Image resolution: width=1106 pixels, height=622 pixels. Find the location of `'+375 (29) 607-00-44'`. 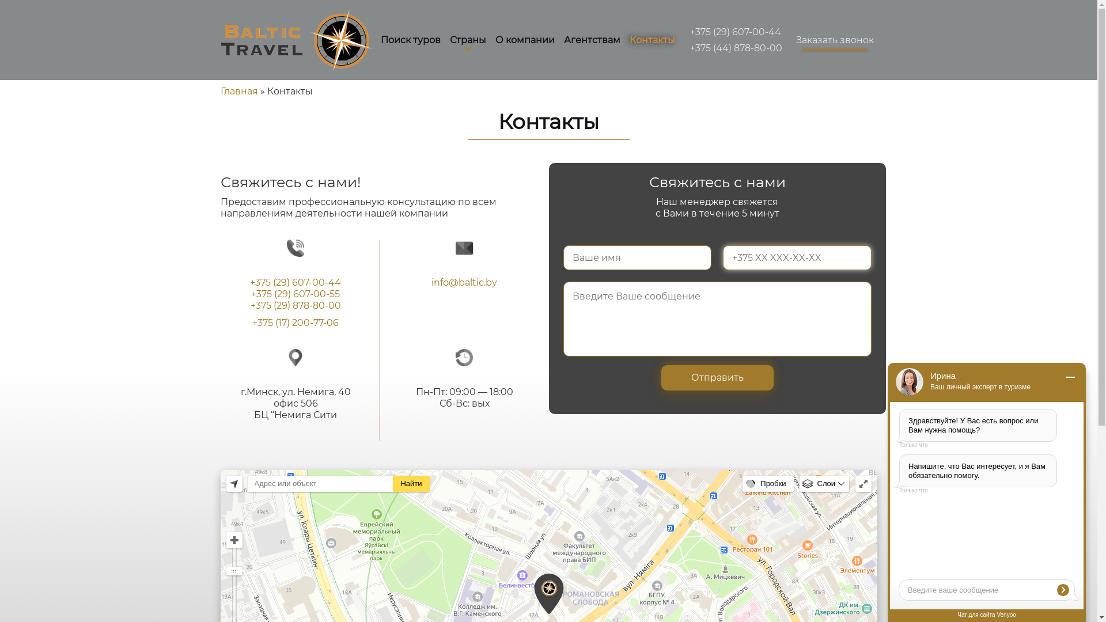

'+375 (29) 607-00-44' is located at coordinates (734, 31).